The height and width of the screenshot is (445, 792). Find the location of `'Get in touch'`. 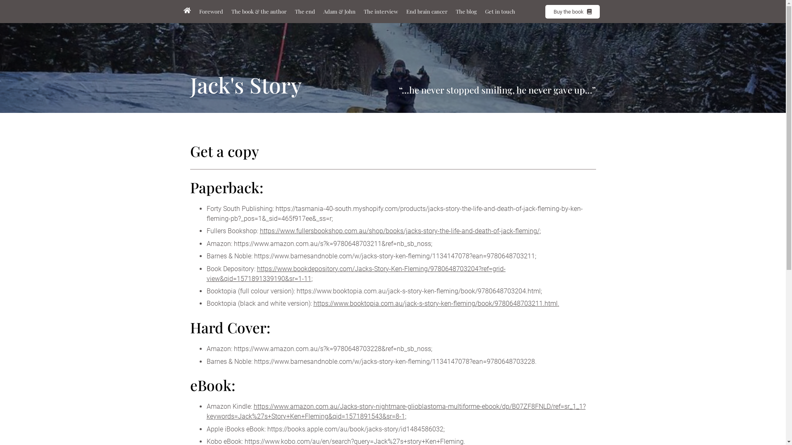

'Get in touch' is located at coordinates (500, 11).